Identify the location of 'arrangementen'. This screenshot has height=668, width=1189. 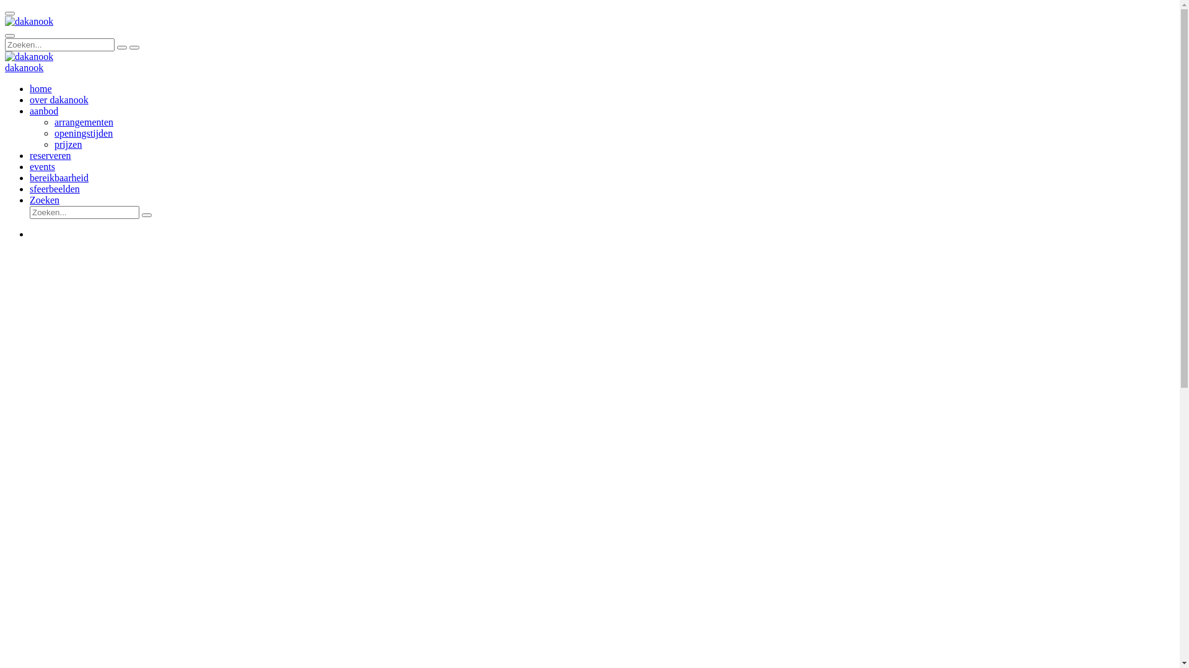
(53, 122).